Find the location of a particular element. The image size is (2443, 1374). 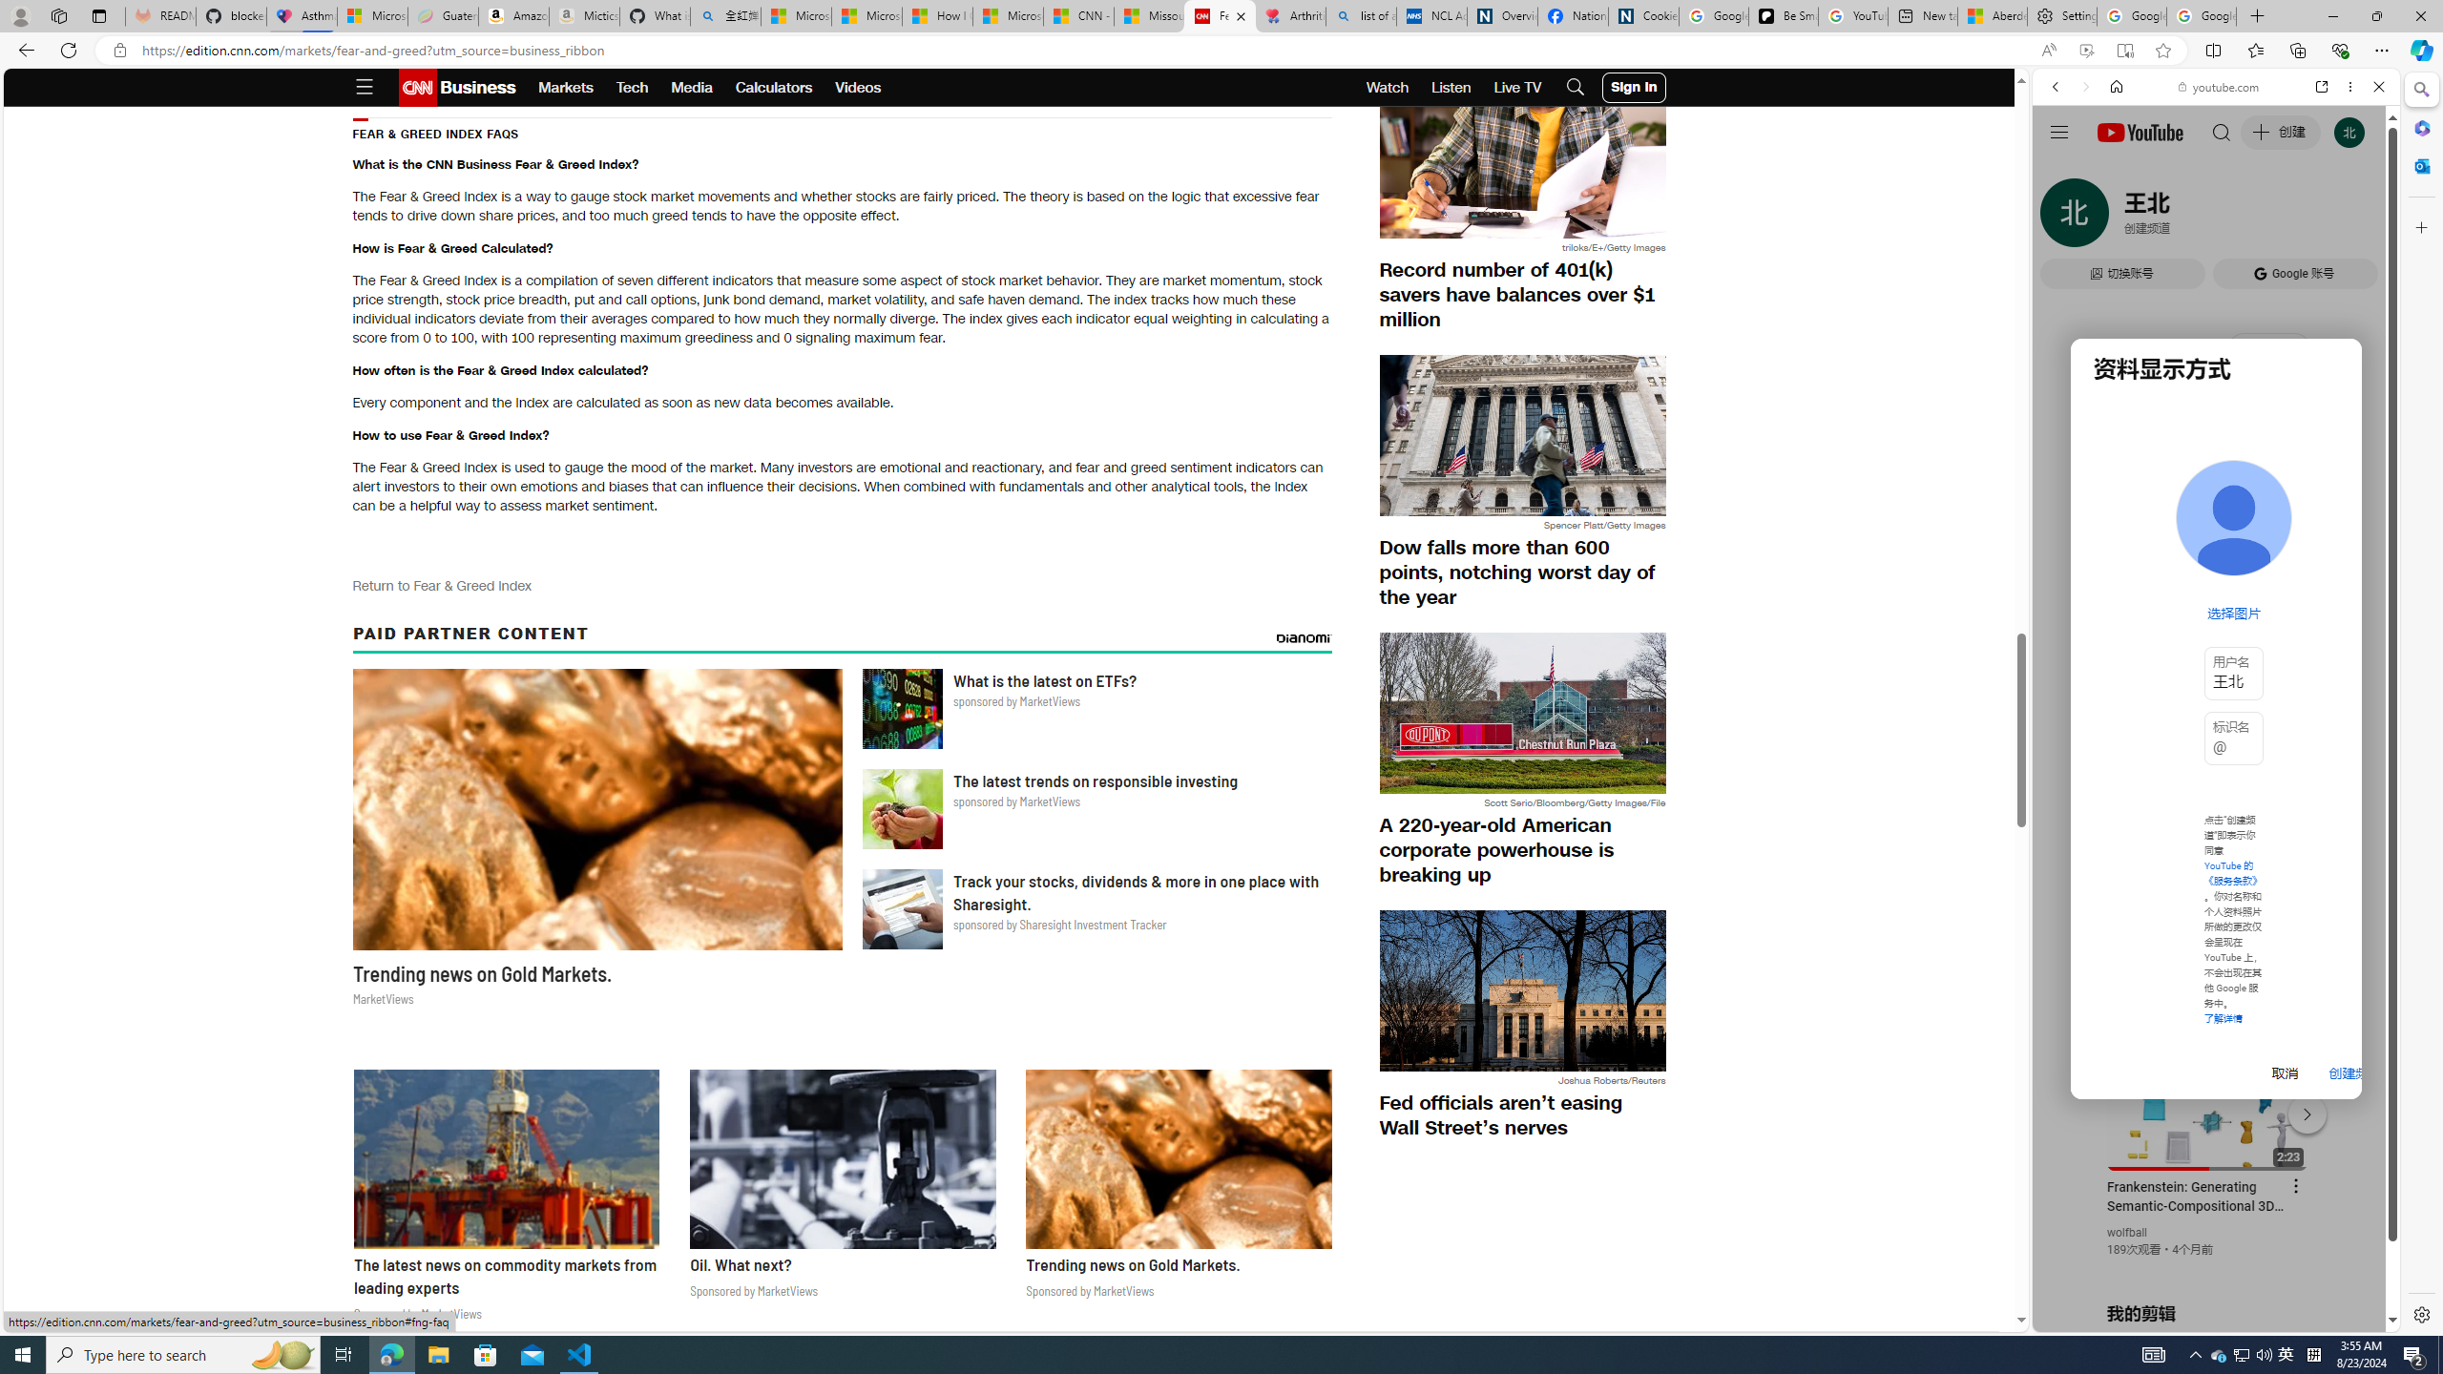

'Live TV' is located at coordinates (1516, 87).